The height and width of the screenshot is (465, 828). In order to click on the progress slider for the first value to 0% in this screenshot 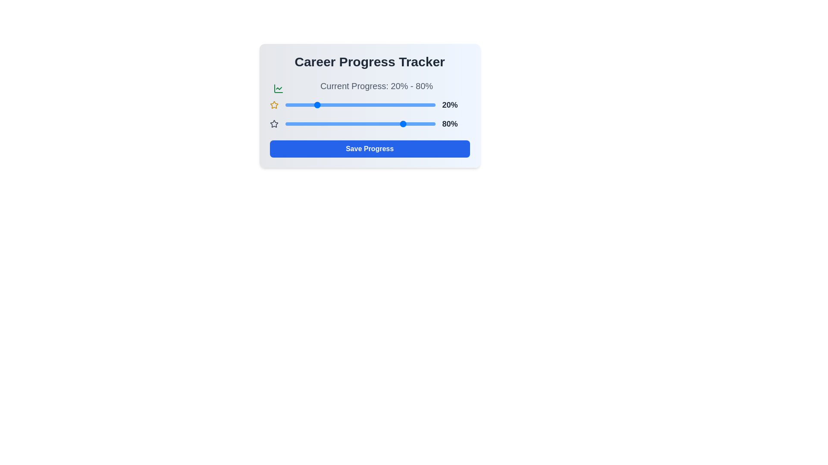, I will do `click(285, 104)`.